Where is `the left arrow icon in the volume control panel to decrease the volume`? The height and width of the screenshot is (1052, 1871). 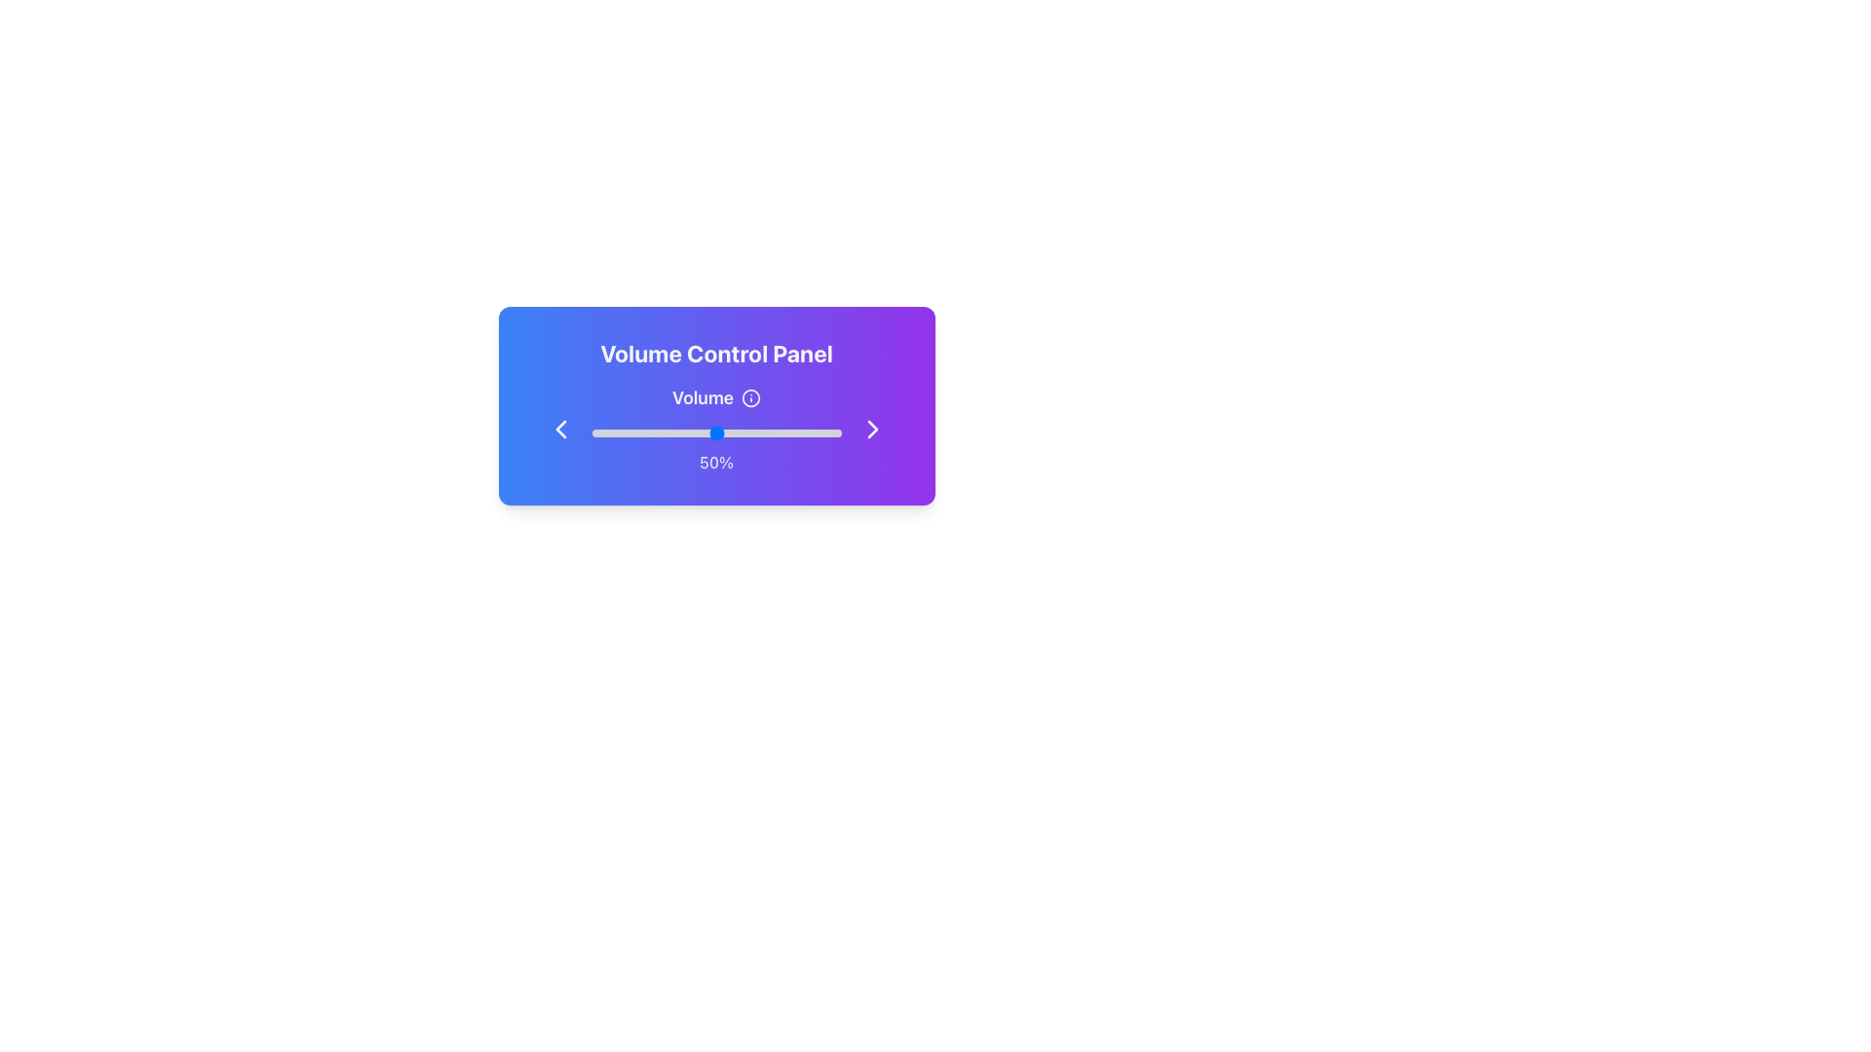
the left arrow icon in the volume control panel to decrease the volume is located at coordinates (559, 428).